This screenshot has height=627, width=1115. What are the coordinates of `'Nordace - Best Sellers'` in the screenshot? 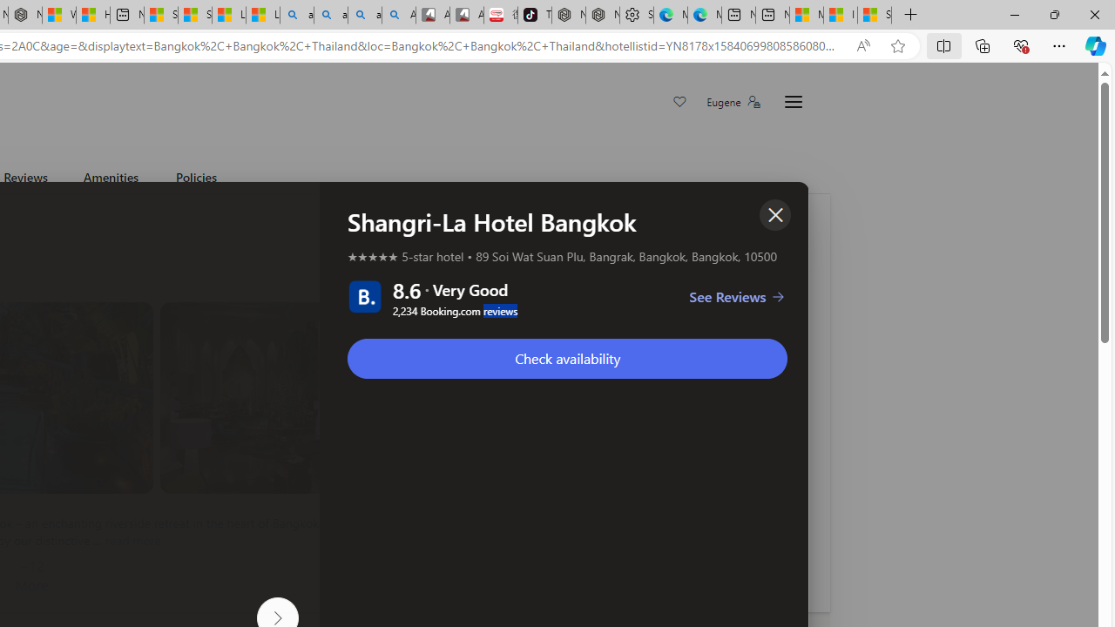 It's located at (568, 15).